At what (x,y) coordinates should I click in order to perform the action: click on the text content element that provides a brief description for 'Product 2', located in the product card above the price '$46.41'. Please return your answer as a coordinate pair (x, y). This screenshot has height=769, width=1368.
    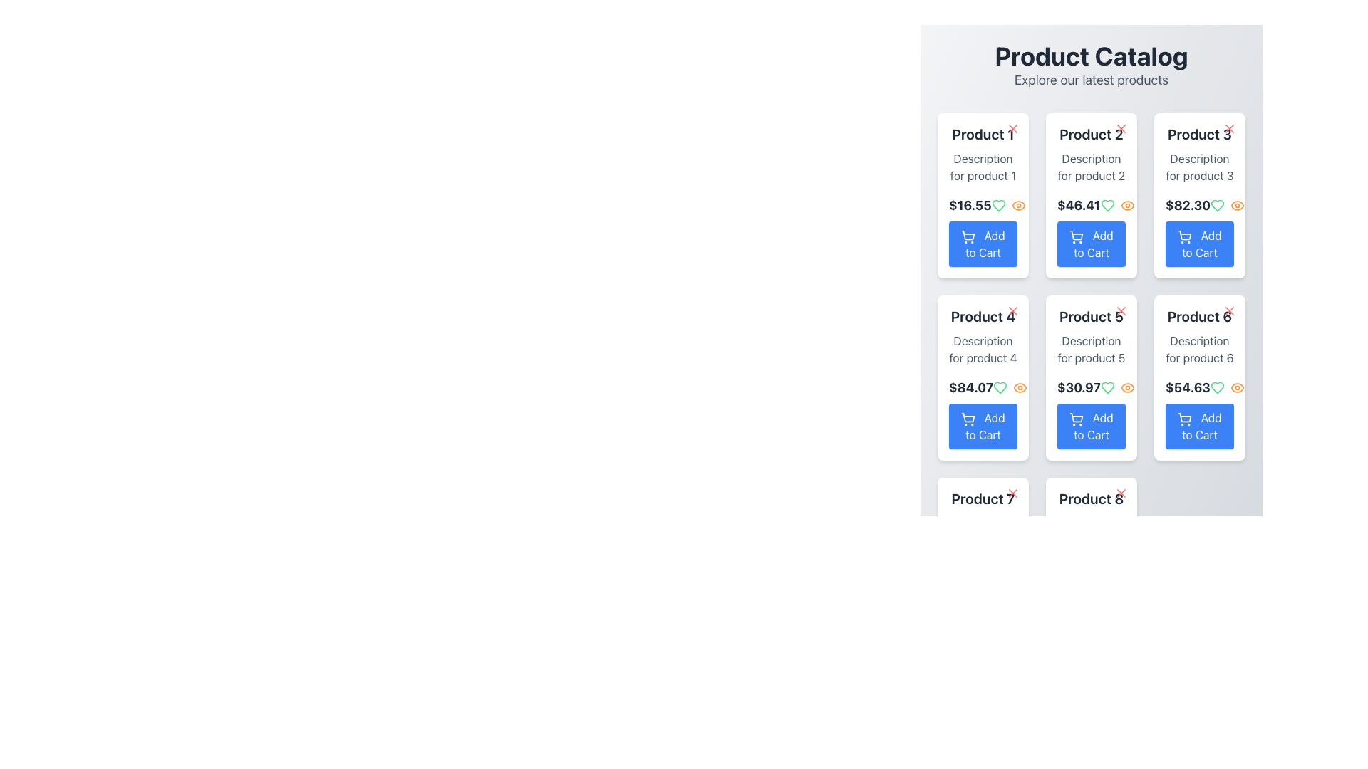
    Looking at the image, I should click on (1090, 167).